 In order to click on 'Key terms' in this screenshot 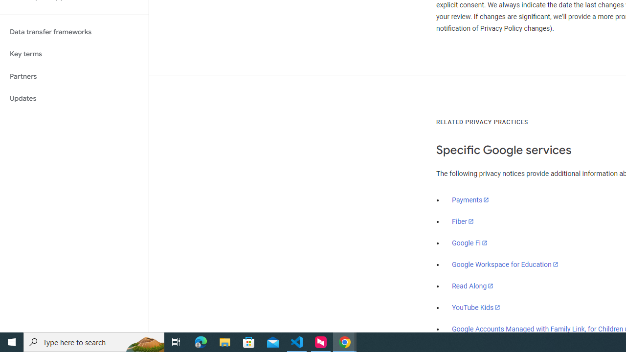, I will do `click(74, 54)`.